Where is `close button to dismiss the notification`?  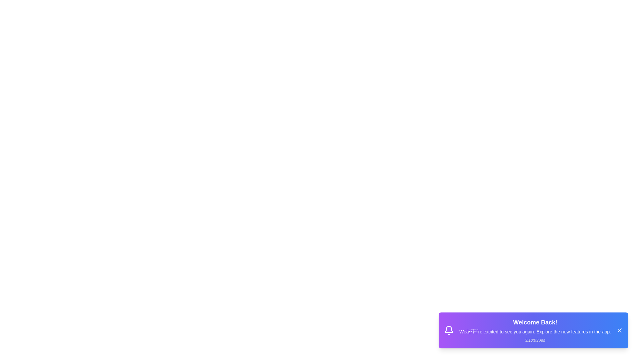
close button to dismiss the notification is located at coordinates (619, 330).